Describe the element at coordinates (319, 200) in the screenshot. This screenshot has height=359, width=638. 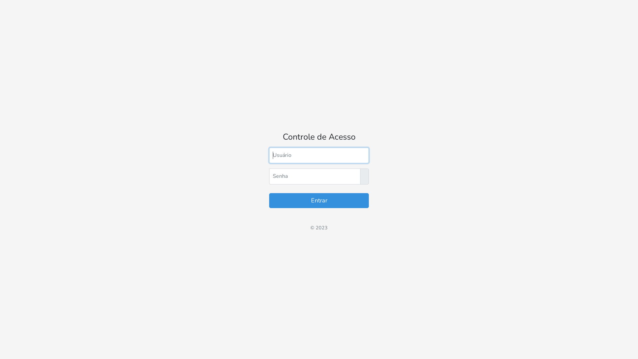
I see `'Entrar'` at that location.